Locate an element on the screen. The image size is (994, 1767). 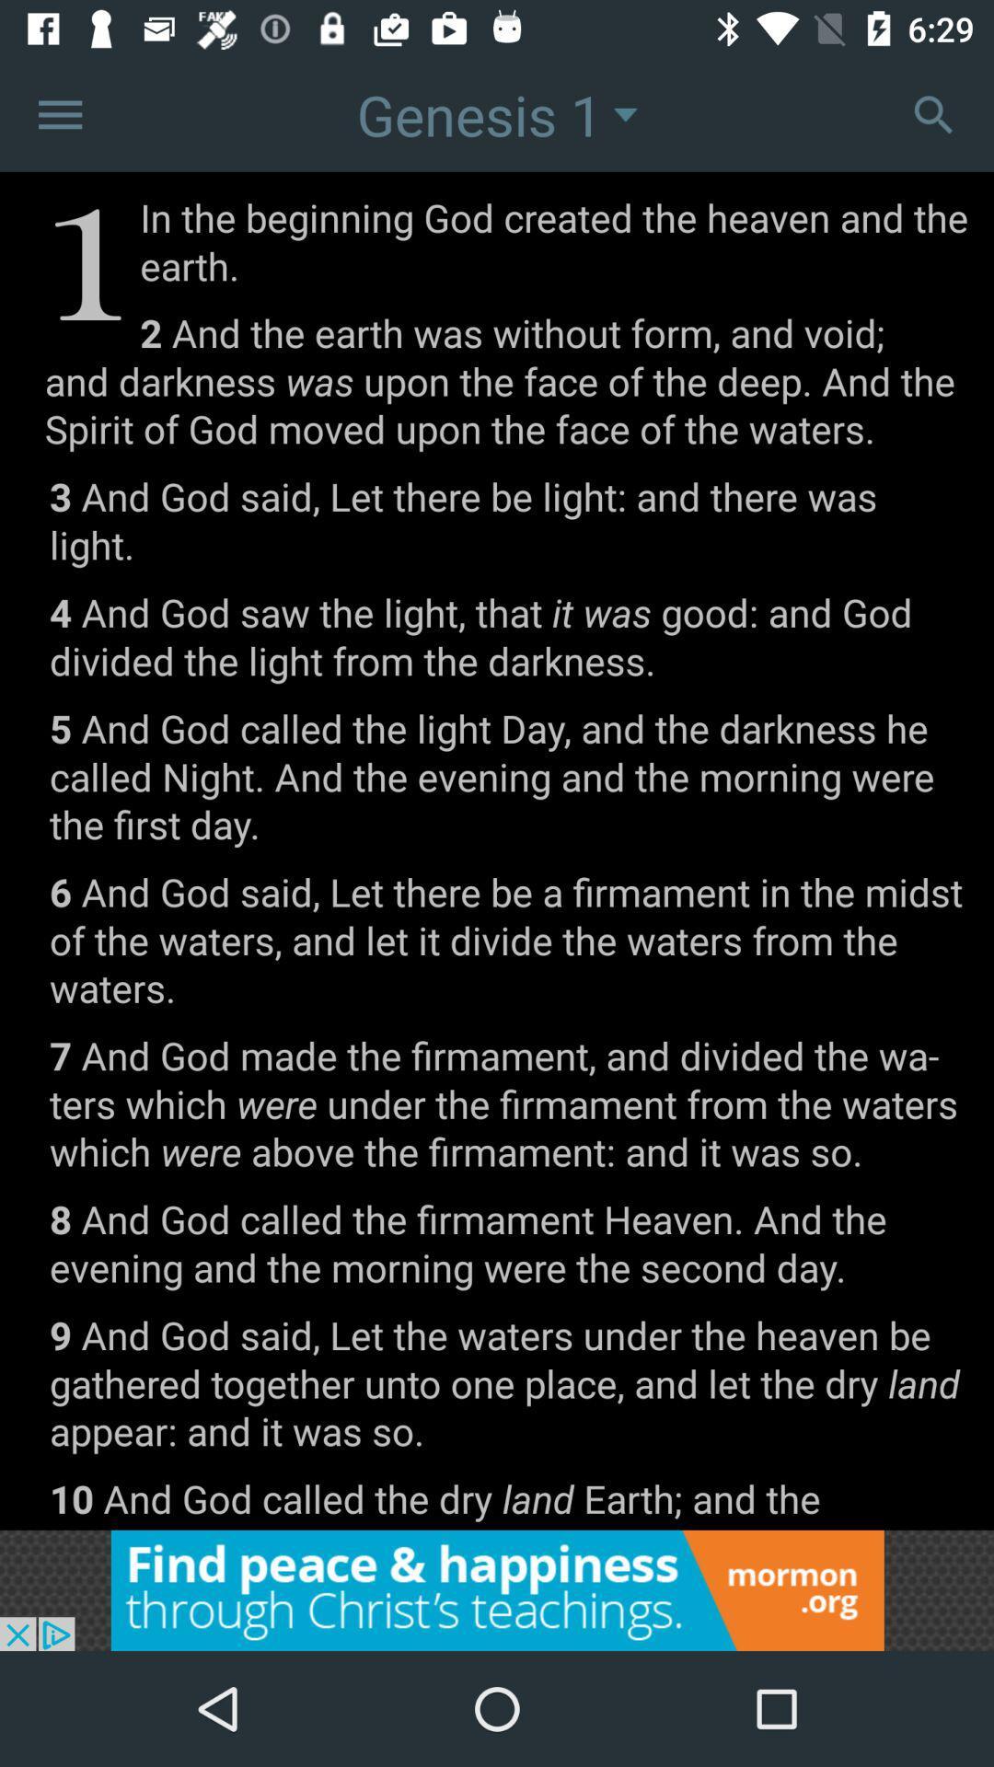
the search icon is located at coordinates (933, 113).